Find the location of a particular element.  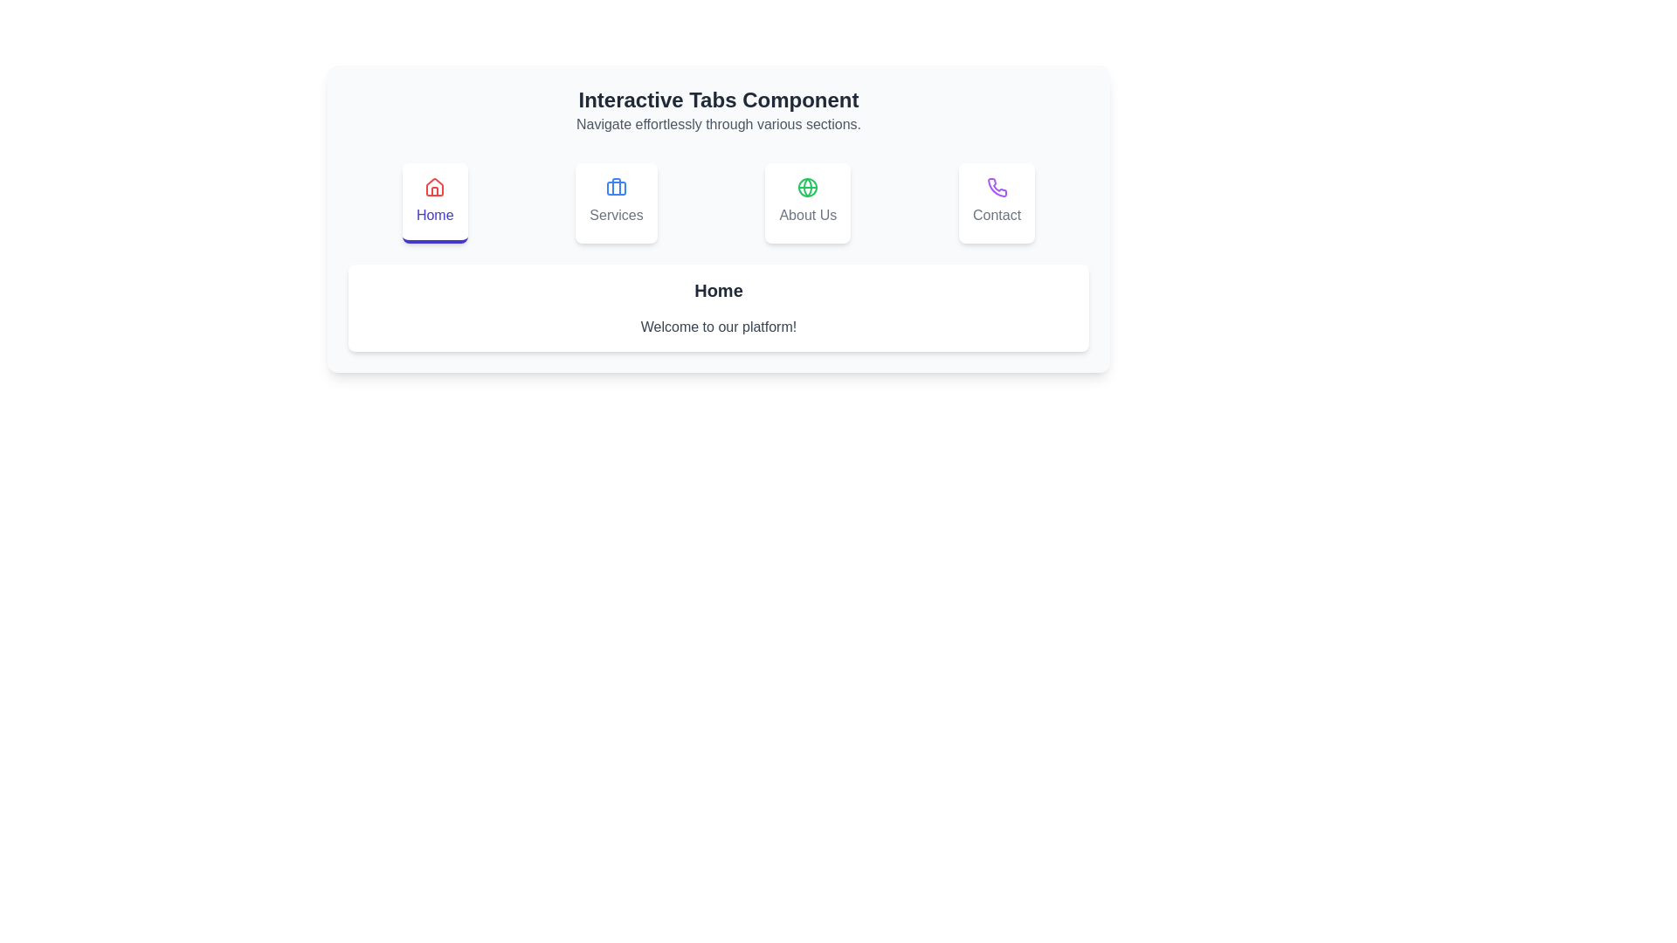

the Services tab by clicking on its respective button is located at coordinates (616, 202).